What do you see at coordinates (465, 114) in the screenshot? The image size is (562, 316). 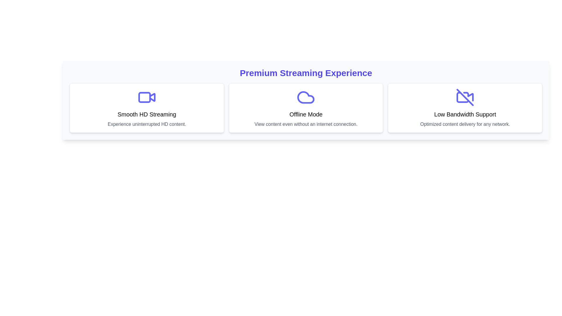 I see `the static text label 'Low Bandwidth Support' which is styled with a larger font and located in the third card on the rightmost side, beneath a crossed-out video camera icon` at bounding box center [465, 114].